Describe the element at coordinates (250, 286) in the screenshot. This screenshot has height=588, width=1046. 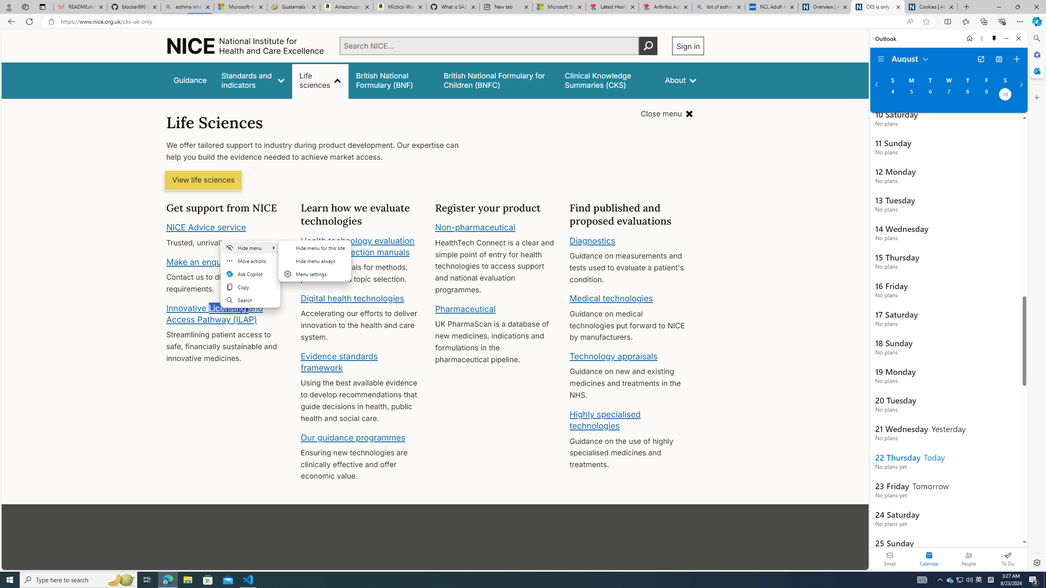
I see `'Copy'` at that location.